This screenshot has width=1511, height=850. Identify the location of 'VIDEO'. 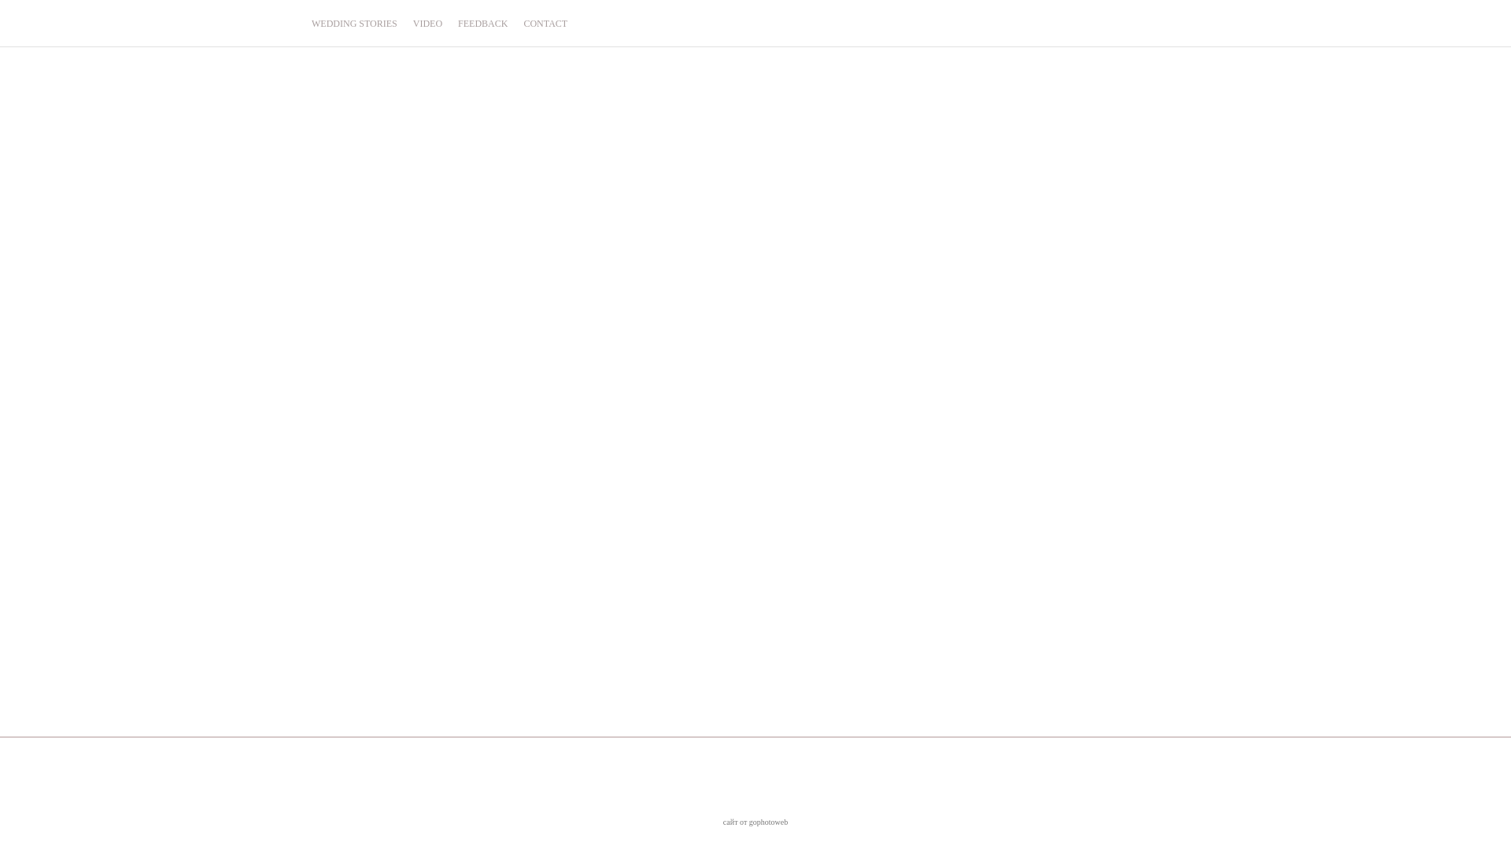
(427, 23).